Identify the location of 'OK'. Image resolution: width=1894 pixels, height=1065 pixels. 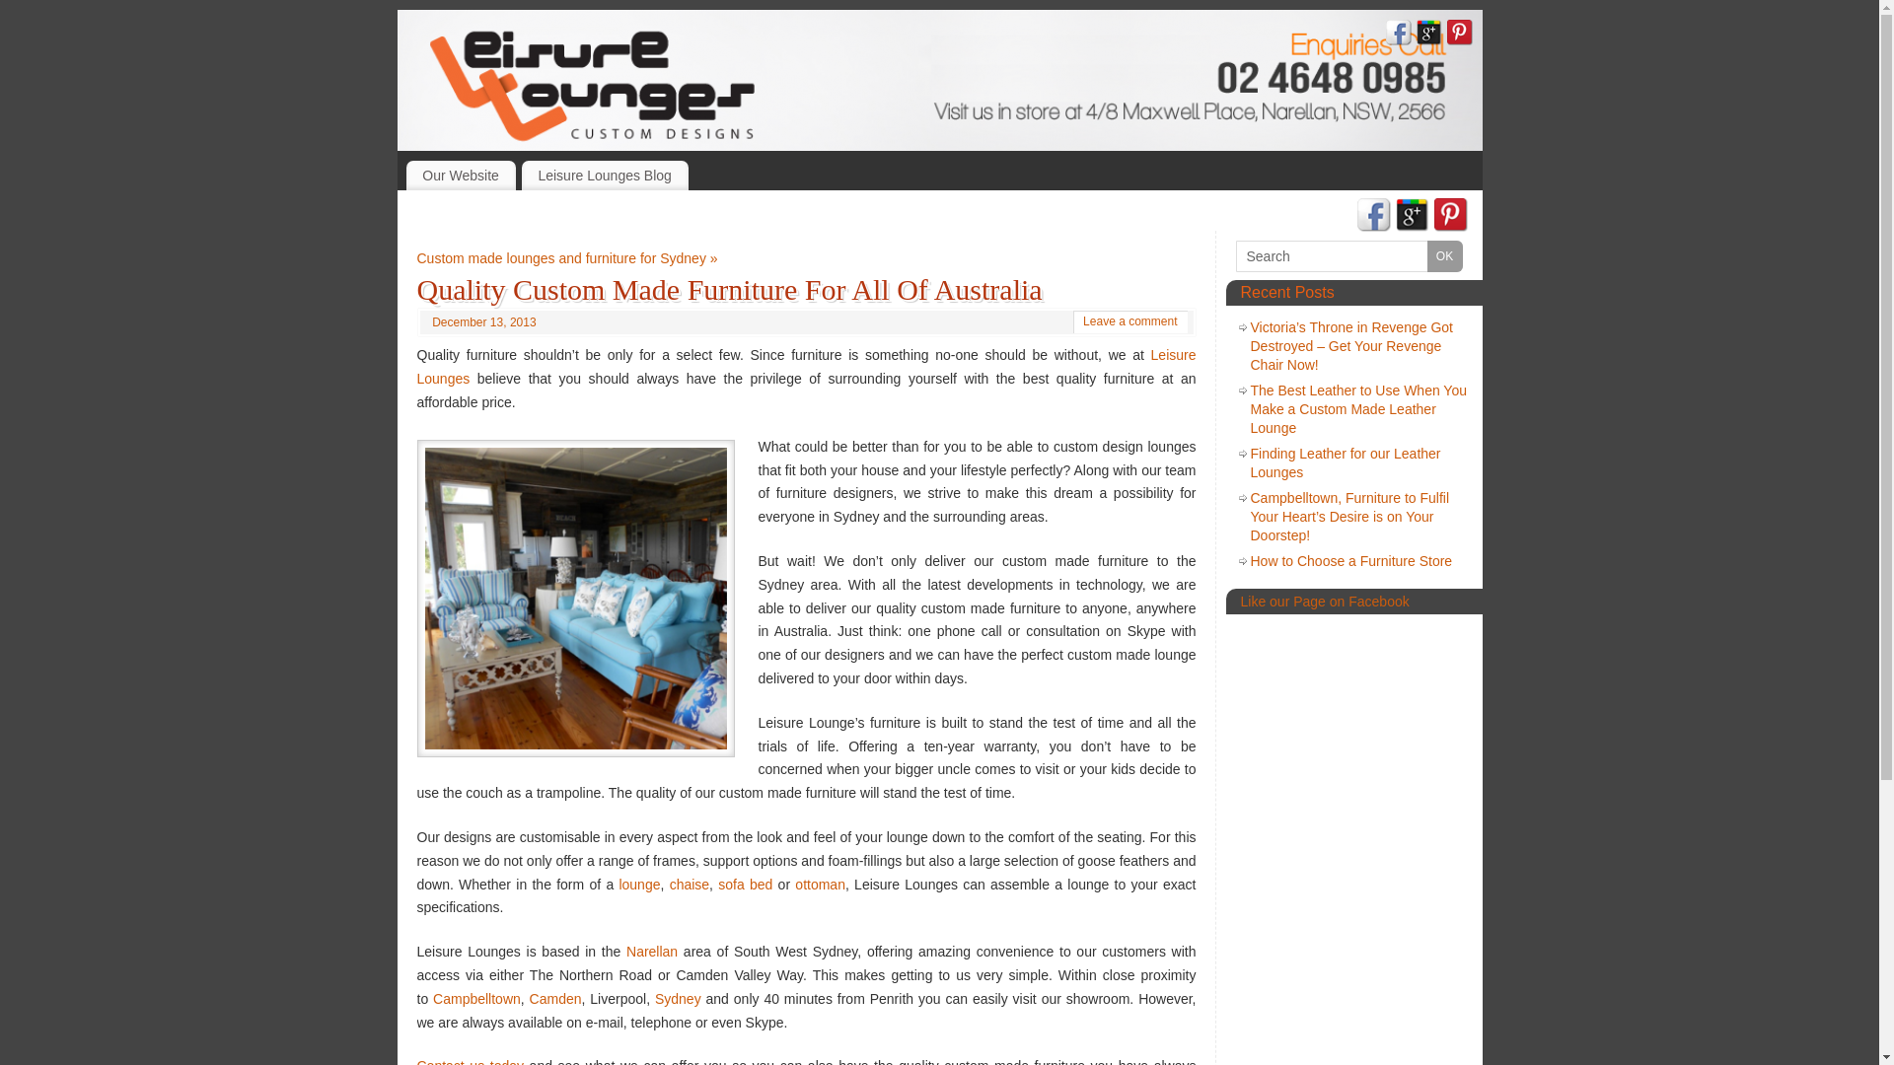
(1444, 254).